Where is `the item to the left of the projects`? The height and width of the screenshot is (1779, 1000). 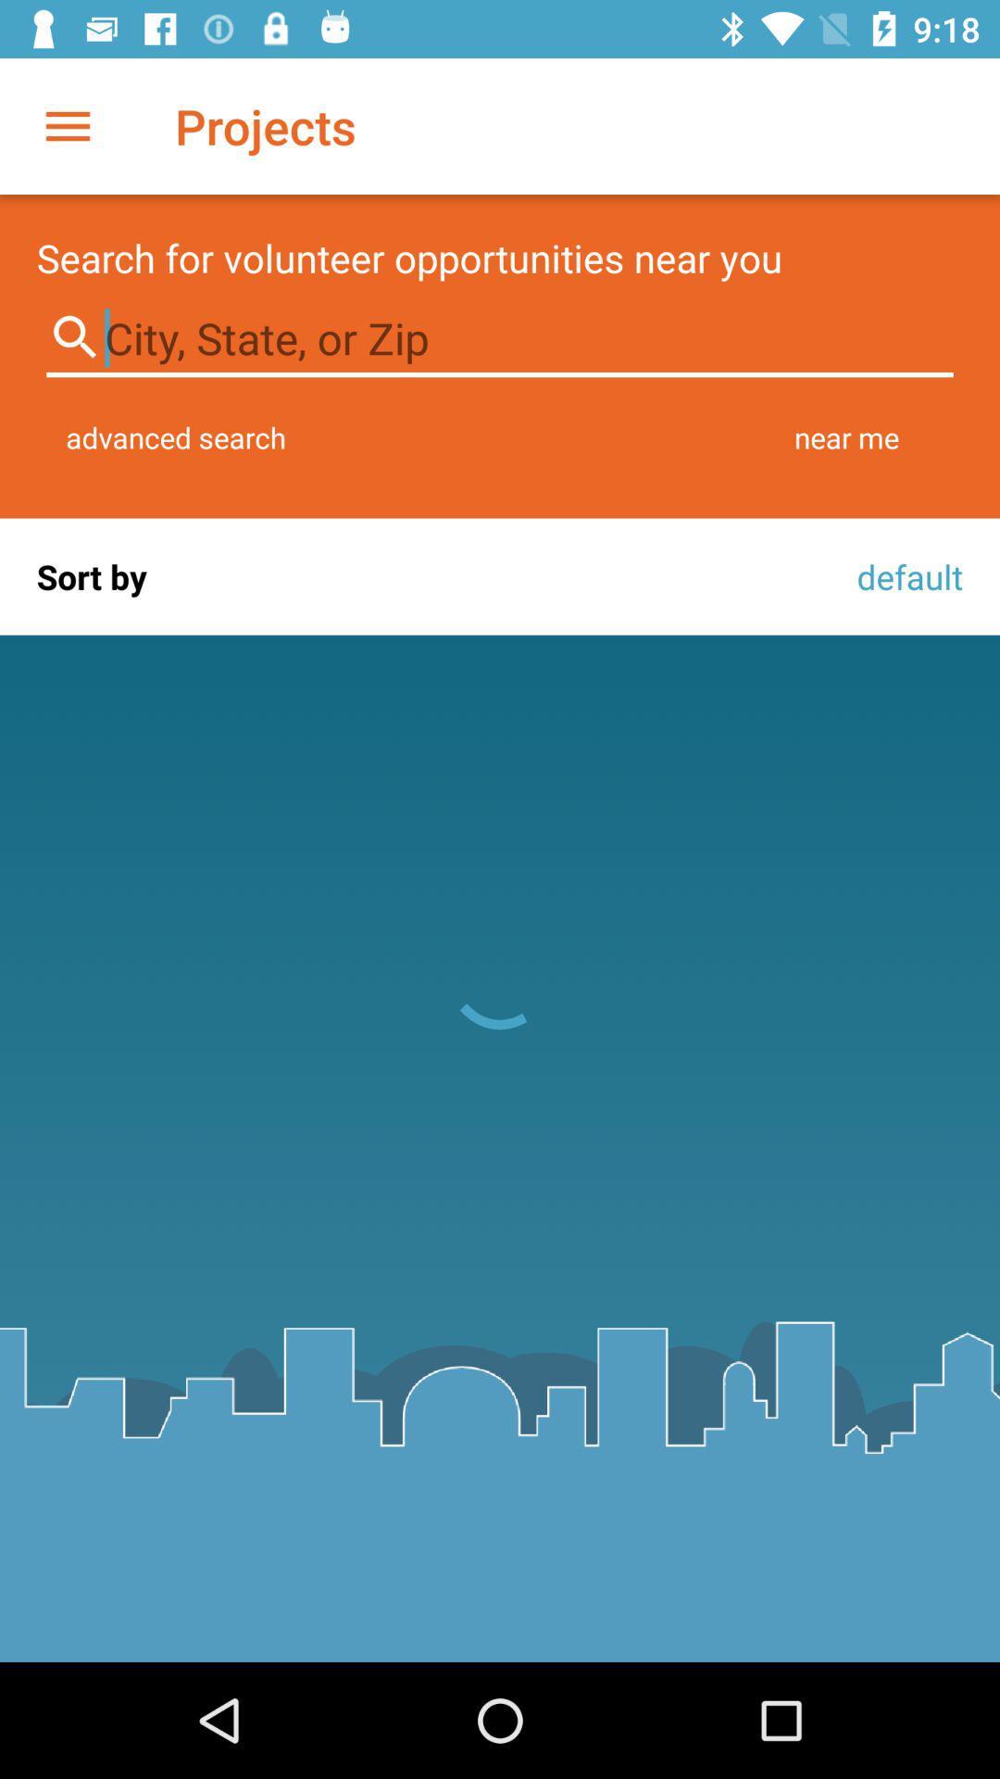
the item to the left of the projects is located at coordinates (67, 125).